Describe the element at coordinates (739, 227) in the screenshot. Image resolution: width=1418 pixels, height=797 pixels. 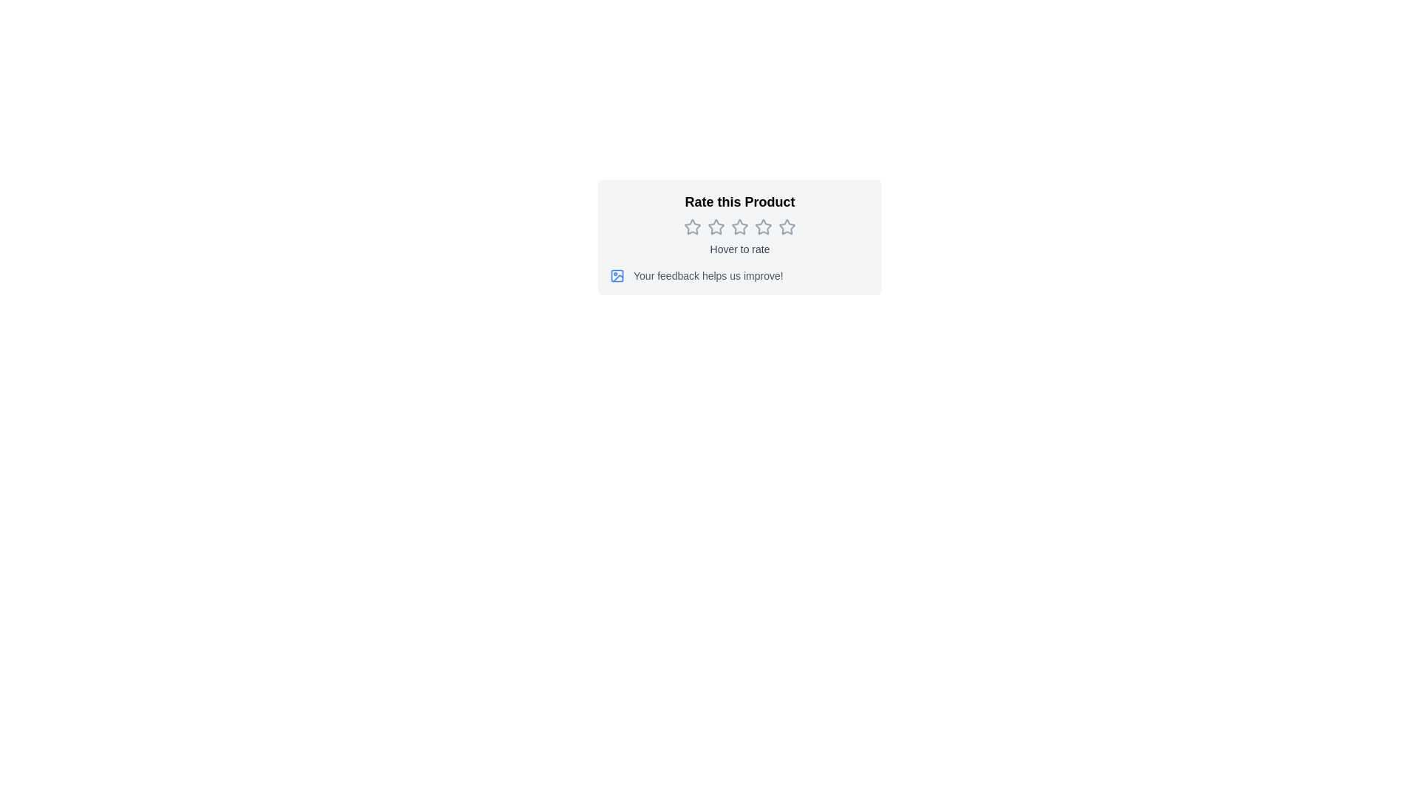
I see `the third star icon in the rating system` at that location.